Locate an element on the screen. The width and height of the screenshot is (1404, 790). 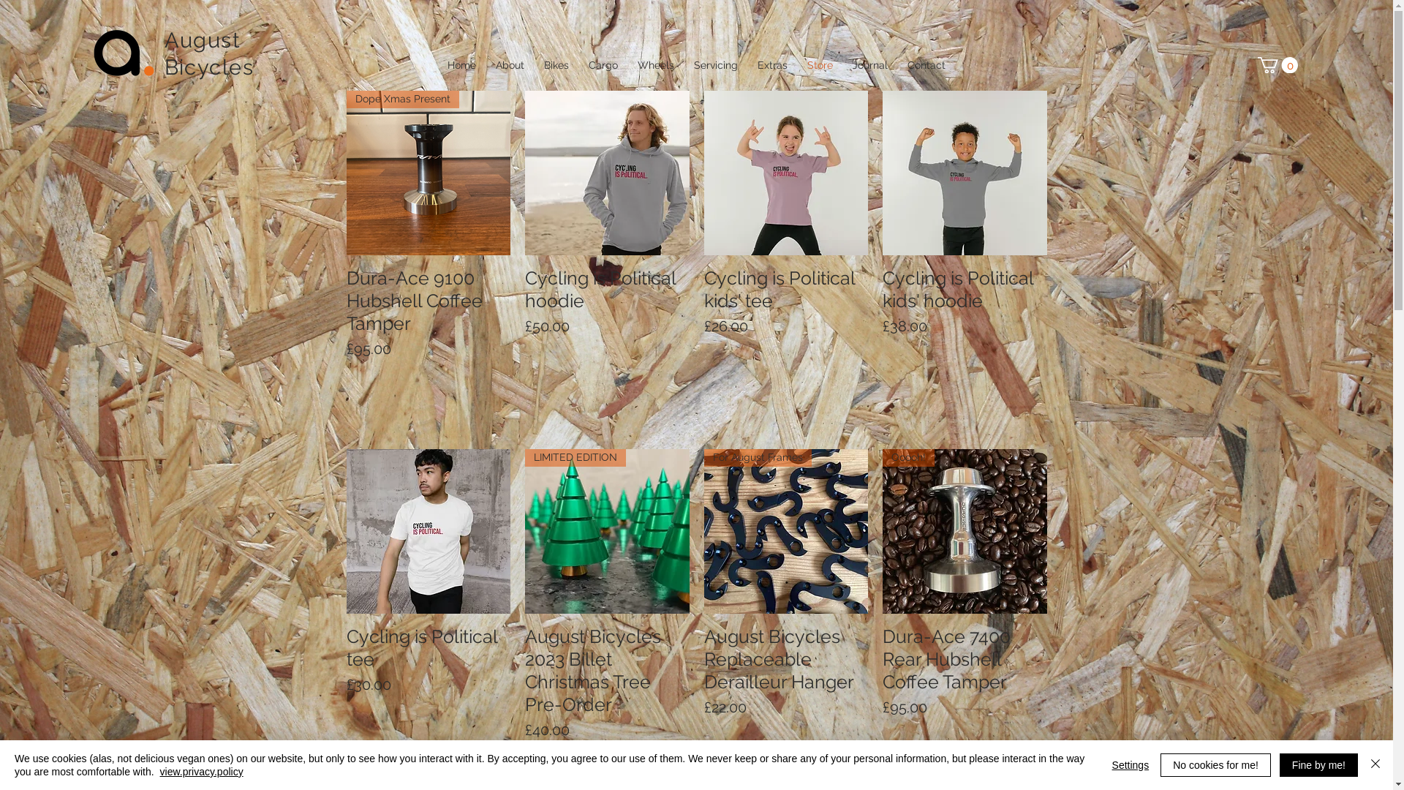
'Extras' is located at coordinates (771, 64).